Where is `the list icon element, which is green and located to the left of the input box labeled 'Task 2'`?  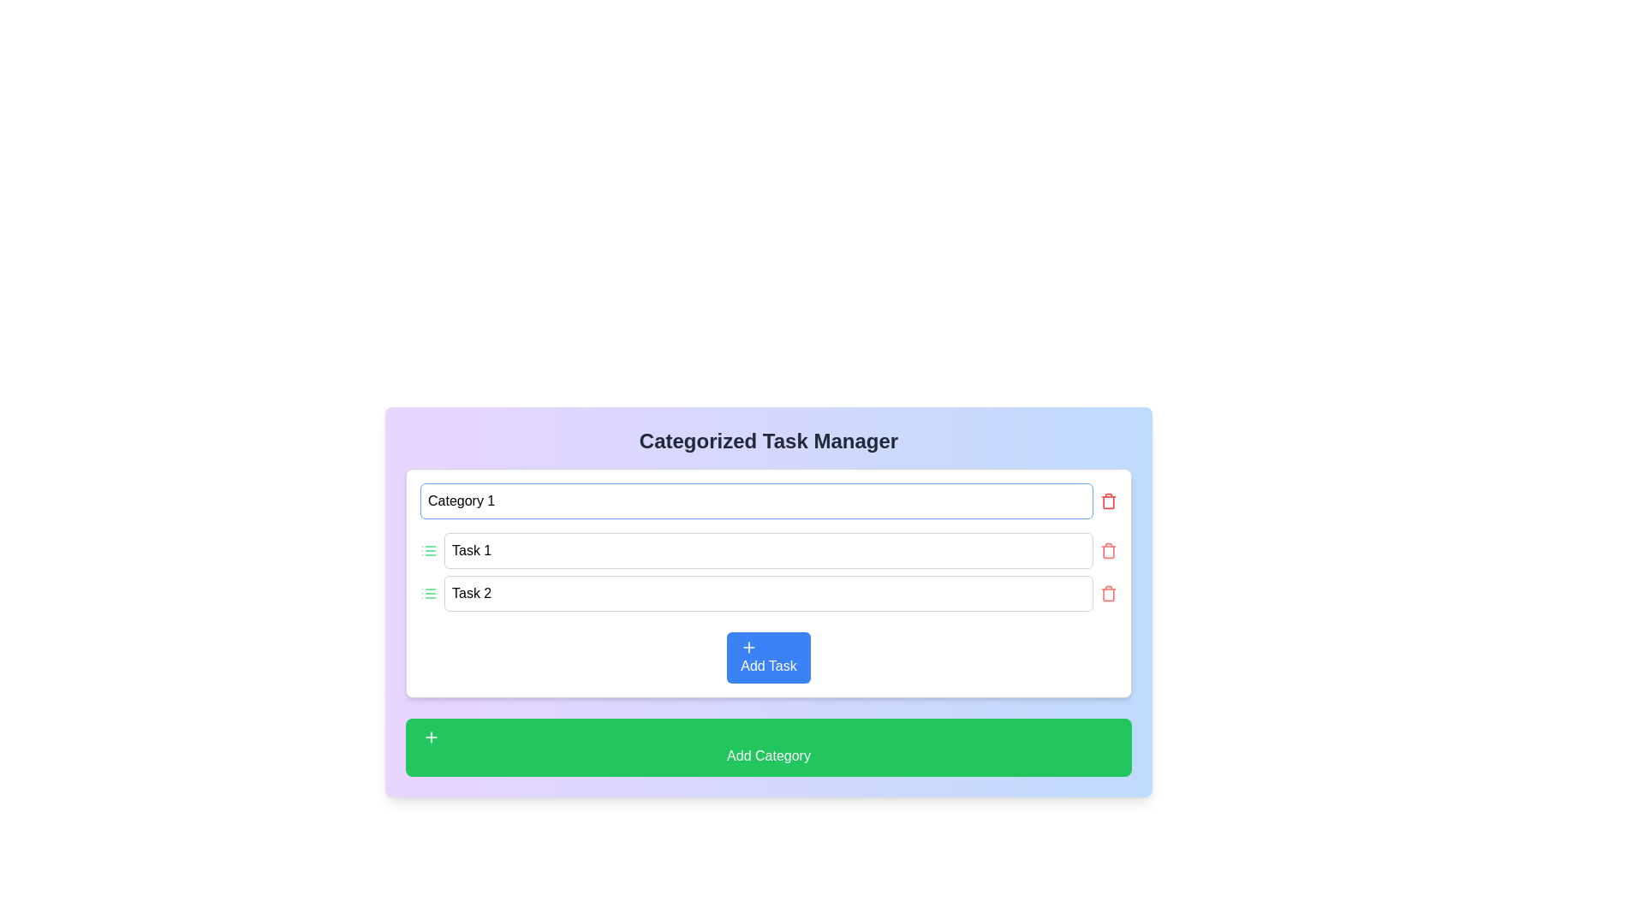
the list icon element, which is green and located to the left of the input box labeled 'Task 2' is located at coordinates (428, 593).